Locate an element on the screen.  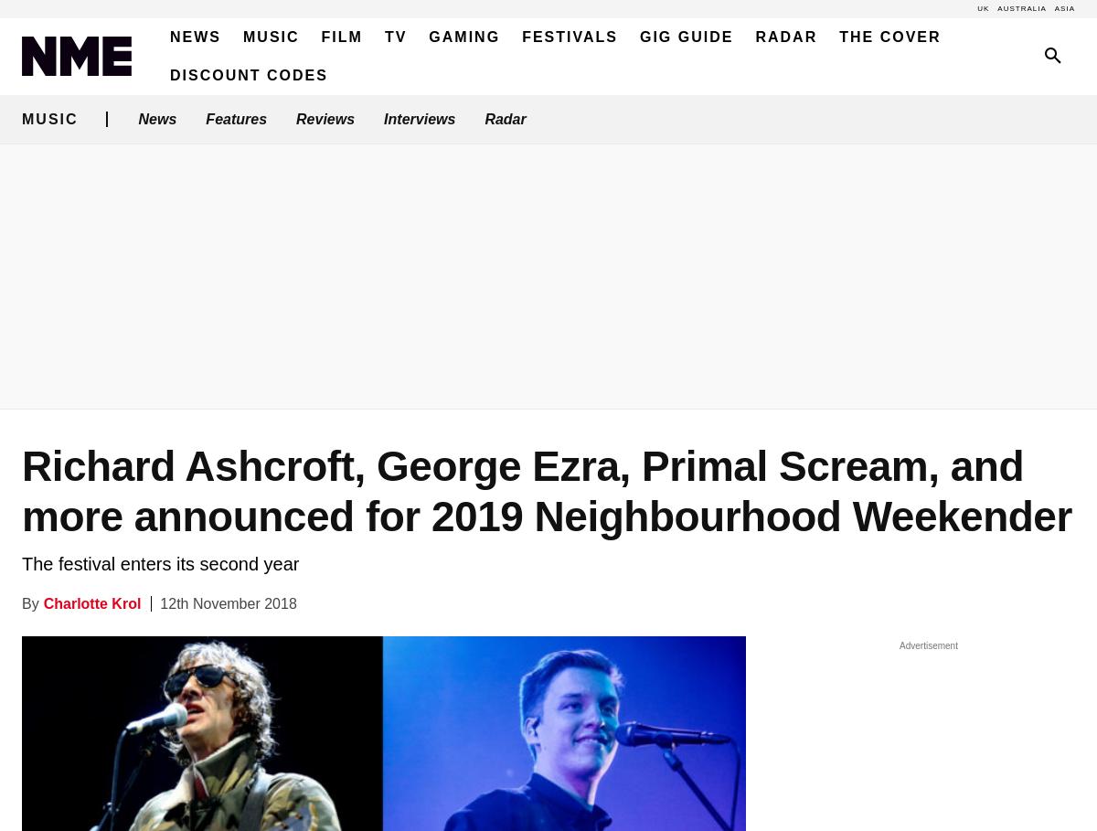
'Discount Codes' is located at coordinates (248, 74).